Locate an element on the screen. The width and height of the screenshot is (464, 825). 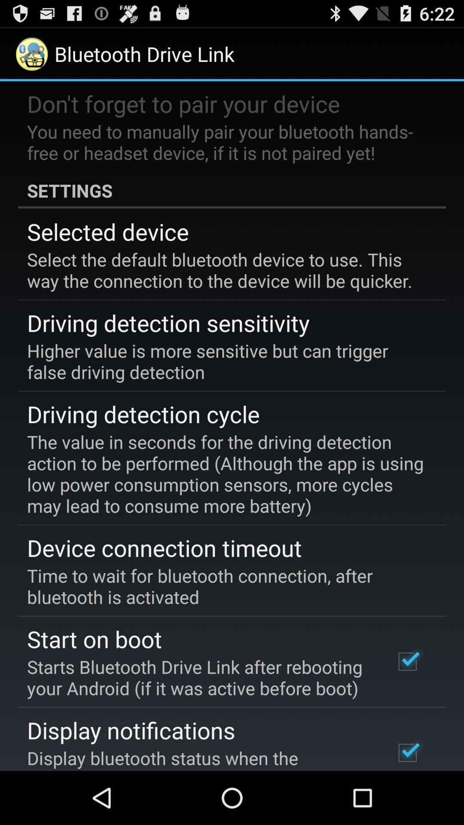
the item above device connection timeout icon is located at coordinates (226, 473).